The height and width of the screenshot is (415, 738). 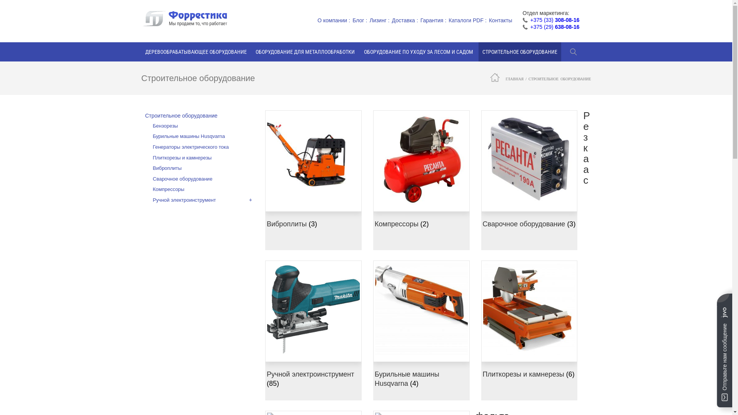 I want to click on '+375 (29) 638-08-16', so click(x=555, y=26).